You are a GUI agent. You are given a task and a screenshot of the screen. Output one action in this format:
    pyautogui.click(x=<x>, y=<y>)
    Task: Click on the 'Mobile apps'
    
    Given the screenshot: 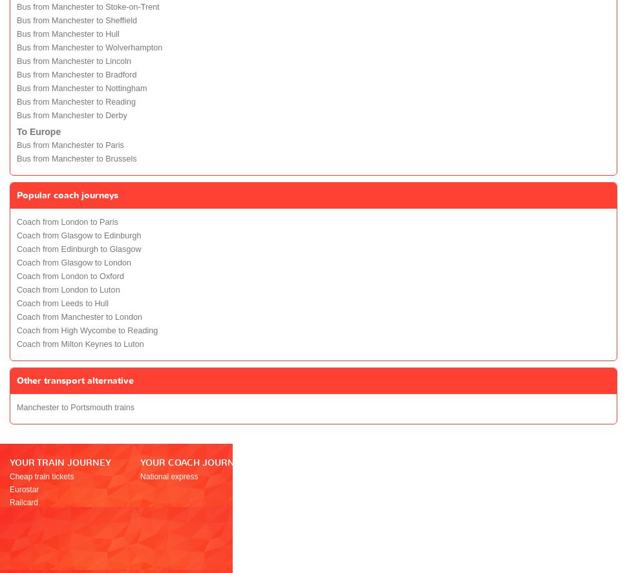 What is the action you would take?
    pyautogui.click(x=401, y=528)
    